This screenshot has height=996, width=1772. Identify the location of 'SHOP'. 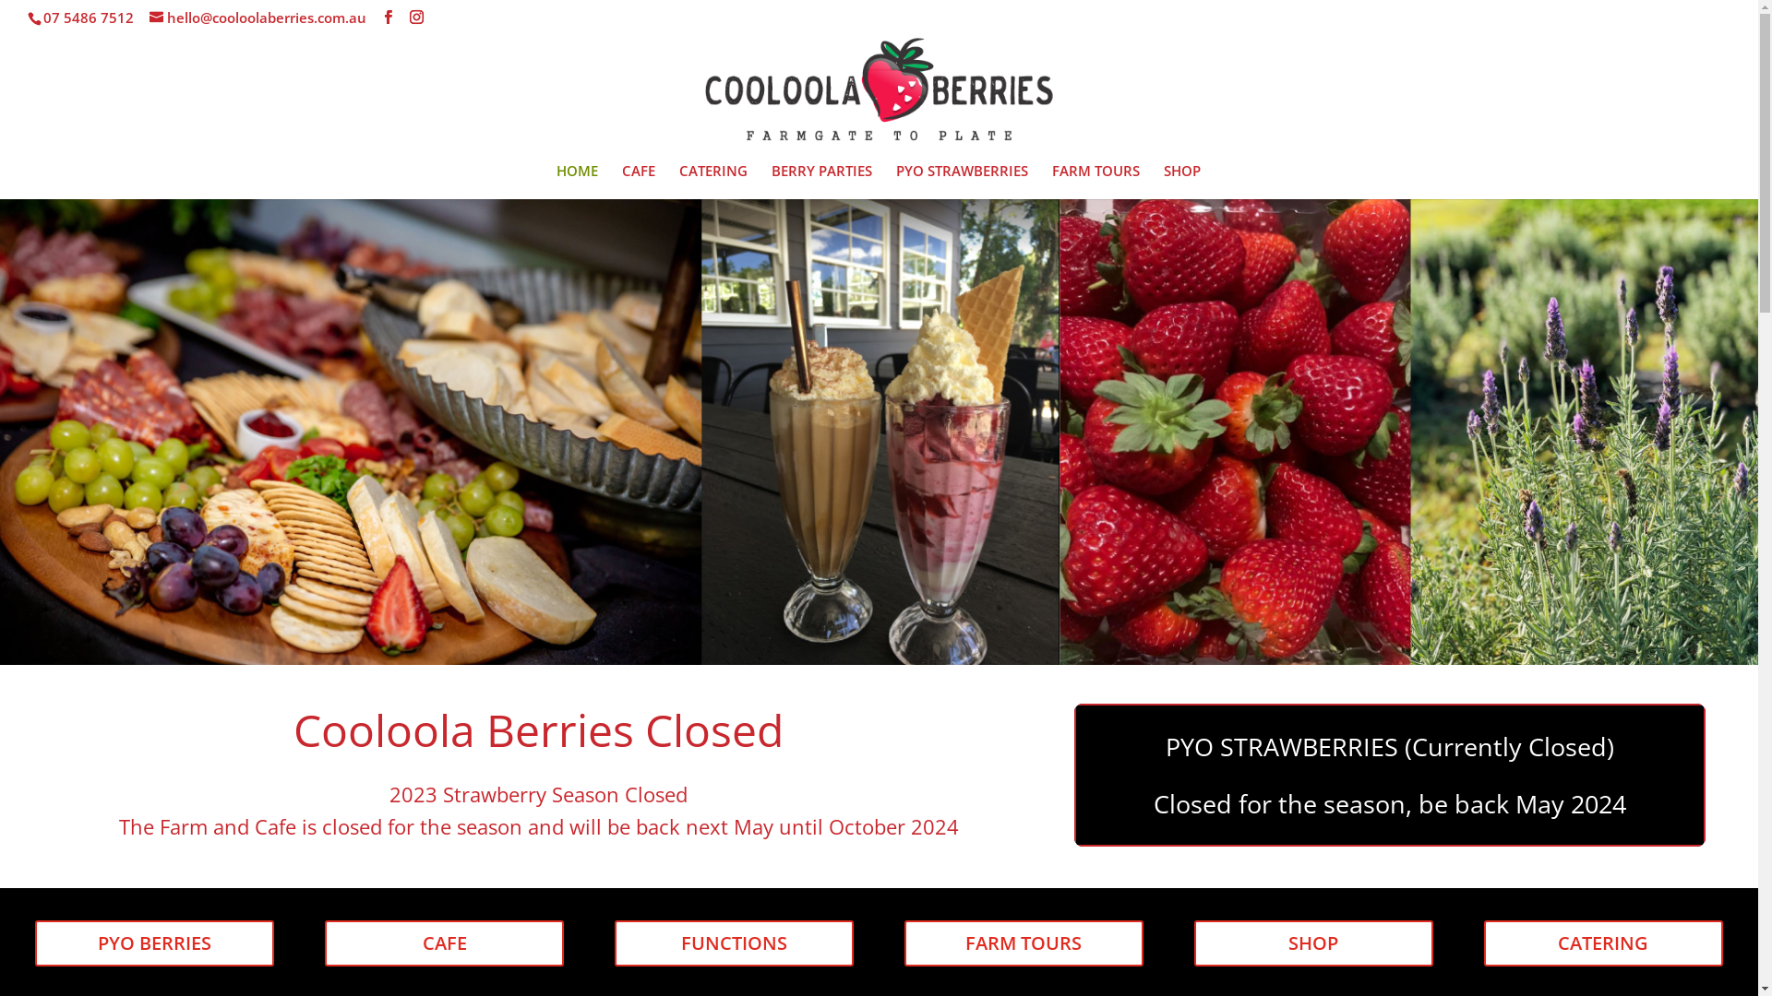
(1181, 181).